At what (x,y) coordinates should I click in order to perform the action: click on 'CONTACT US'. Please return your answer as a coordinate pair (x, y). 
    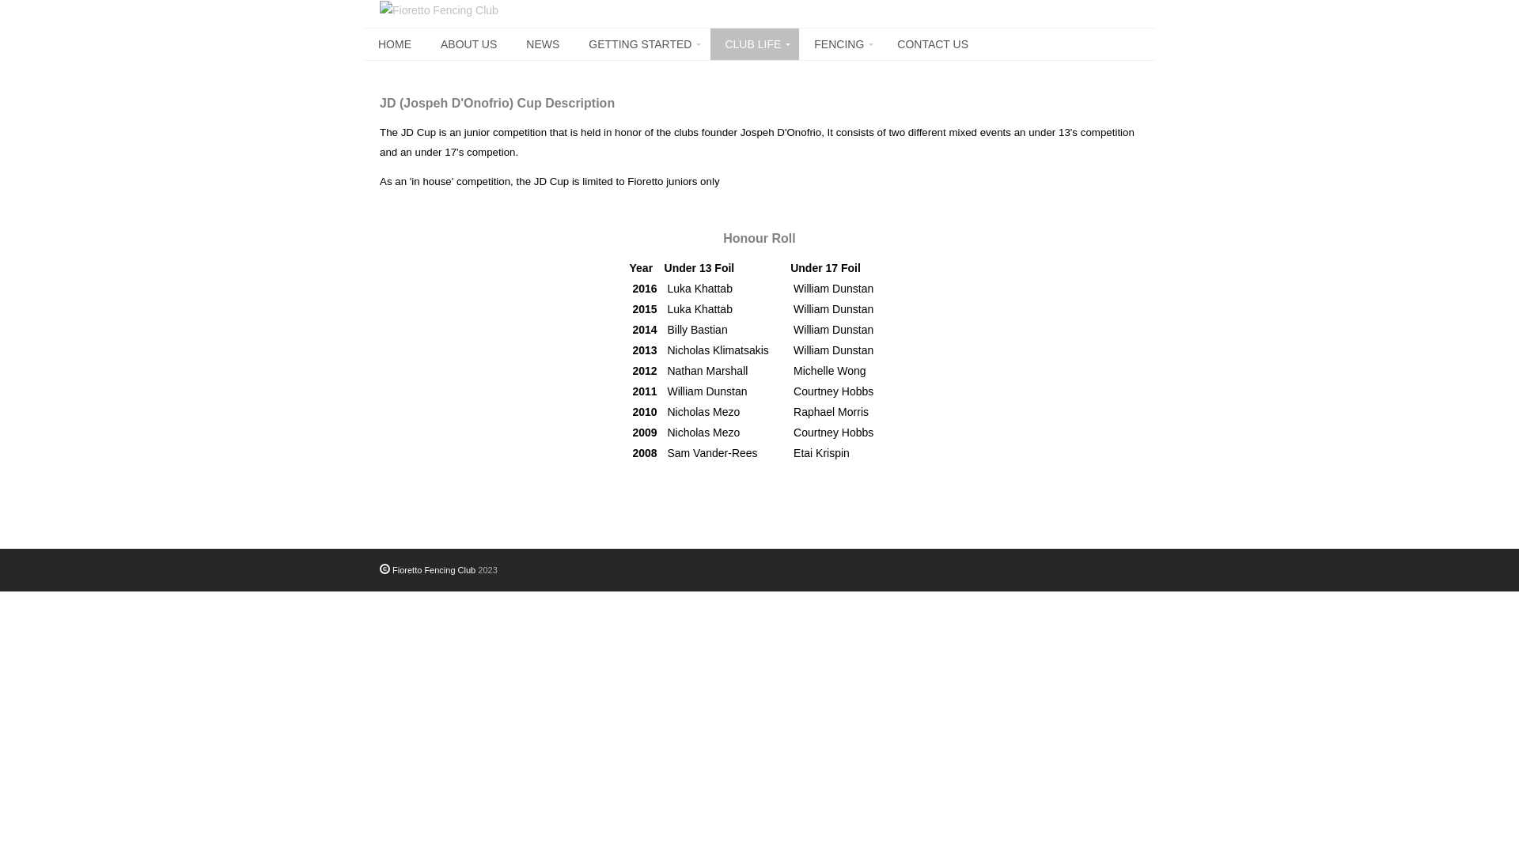
    Looking at the image, I should click on (933, 43).